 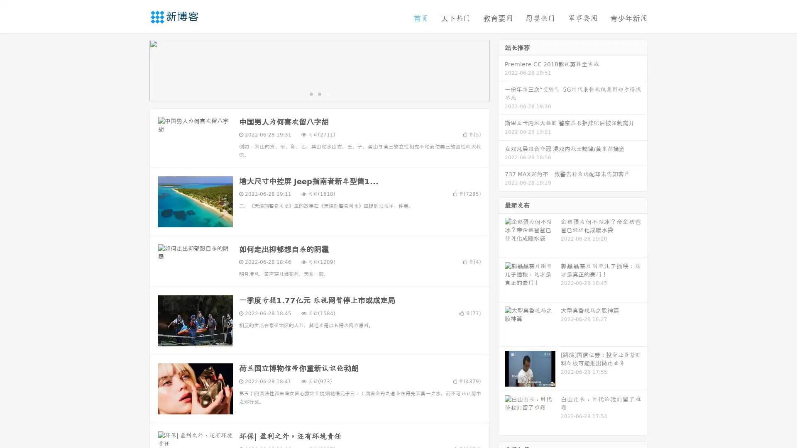 What do you see at coordinates (319, 93) in the screenshot?
I see `Go to slide 2` at bounding box center [319, 93].